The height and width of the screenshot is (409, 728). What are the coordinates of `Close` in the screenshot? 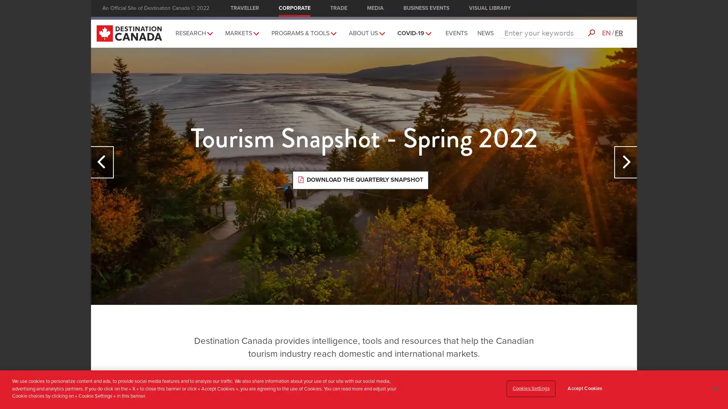 It's located at (715, 389).